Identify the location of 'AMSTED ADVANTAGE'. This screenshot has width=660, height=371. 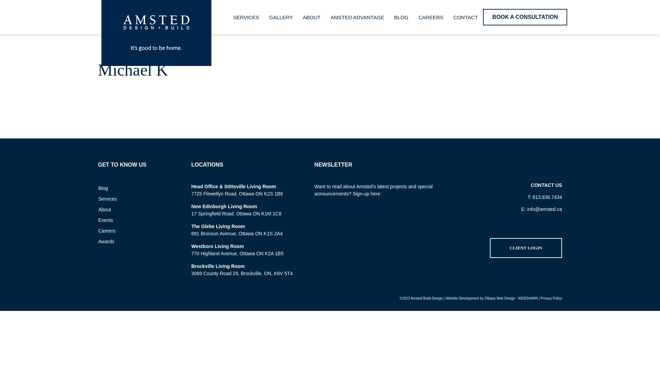
(357, 16).